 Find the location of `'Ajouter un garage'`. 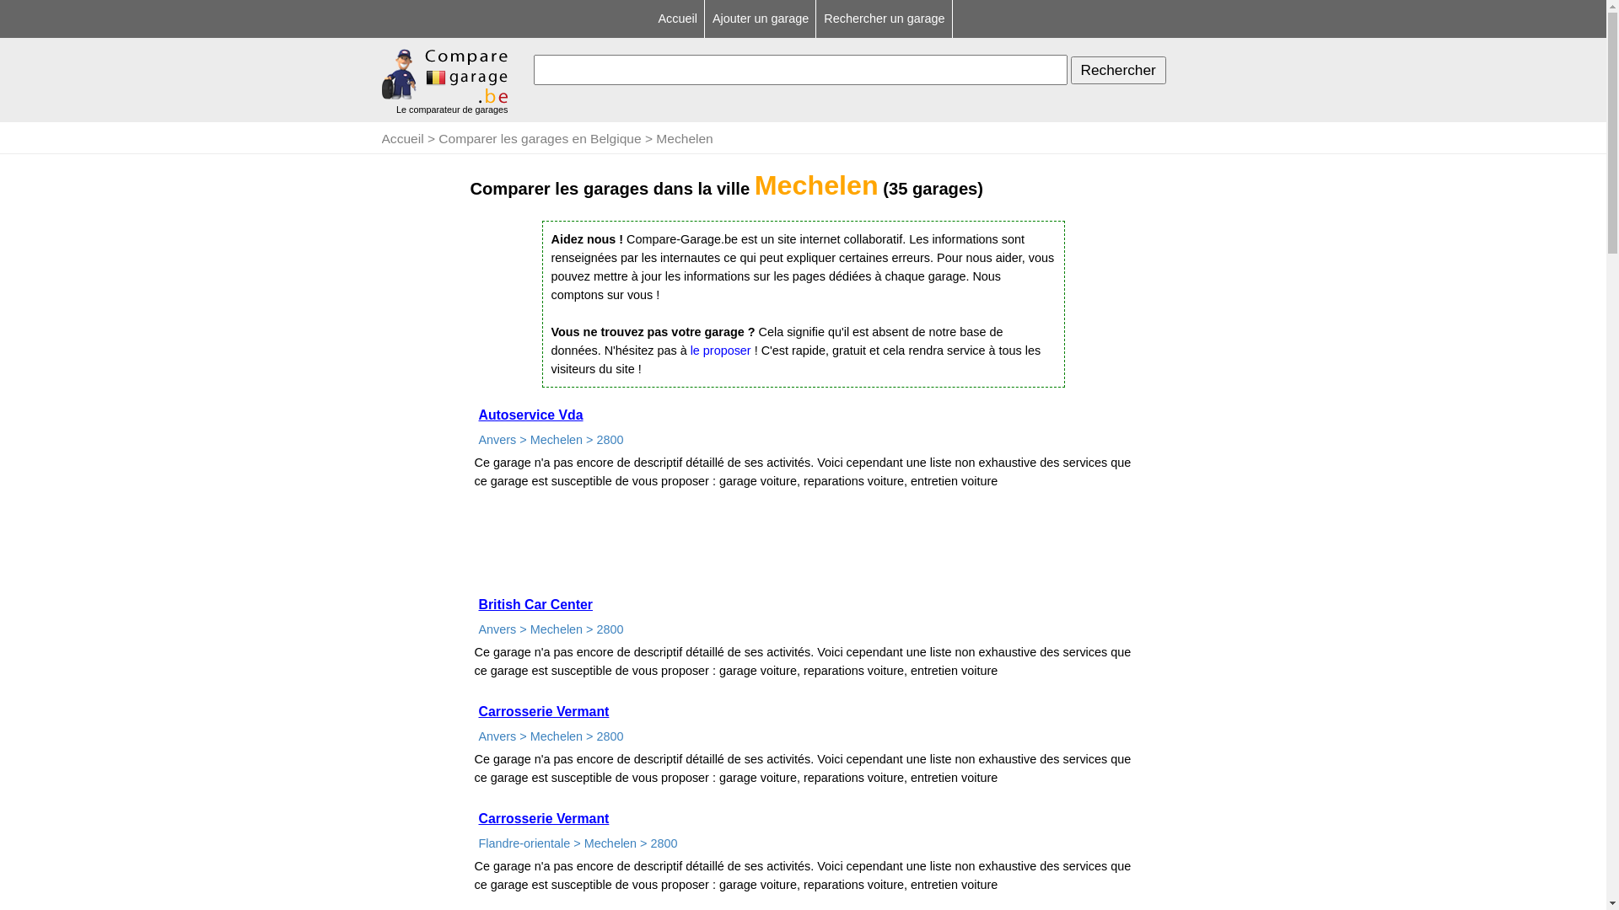

'Ajouter un garage' is located at coordinates (761, 19).